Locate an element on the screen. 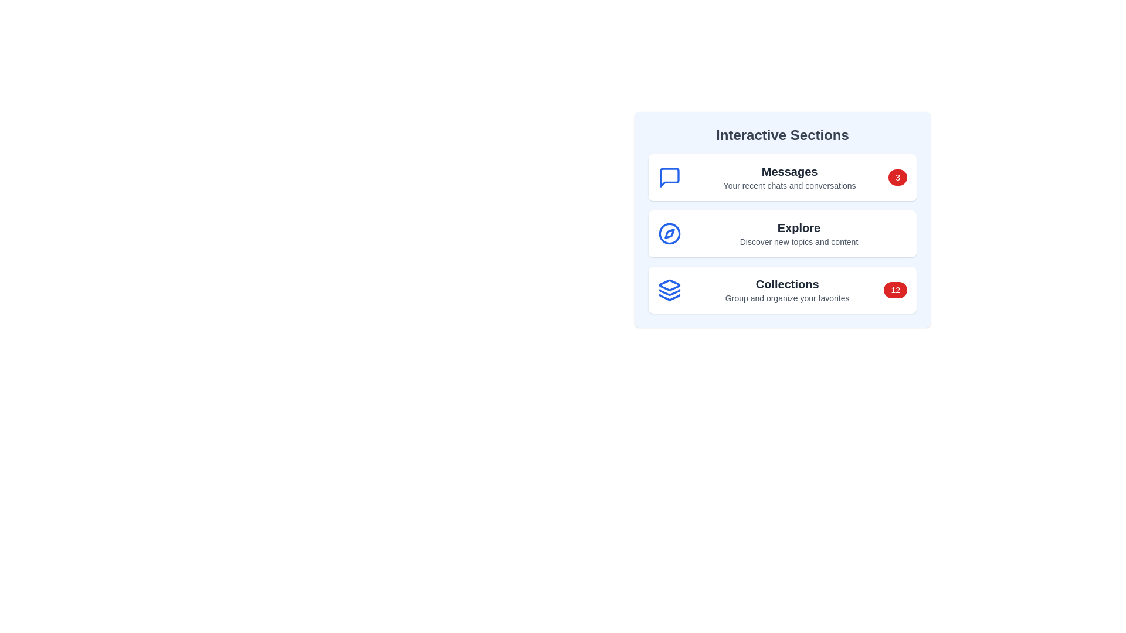 This screenshot has width=1126, height=633. the notification badge of the section Collections is located at coordinates (894, 290).